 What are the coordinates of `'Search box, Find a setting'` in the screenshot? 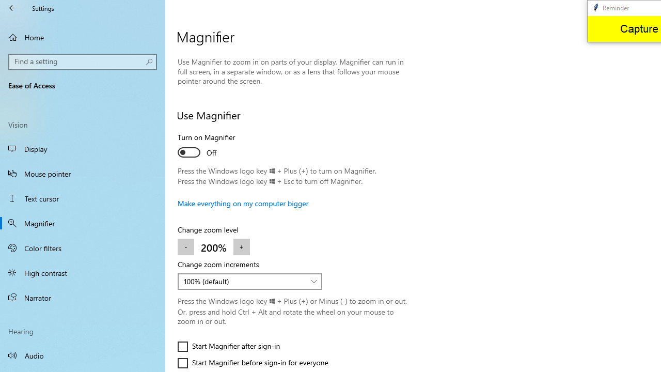 It's located at (83, 61).